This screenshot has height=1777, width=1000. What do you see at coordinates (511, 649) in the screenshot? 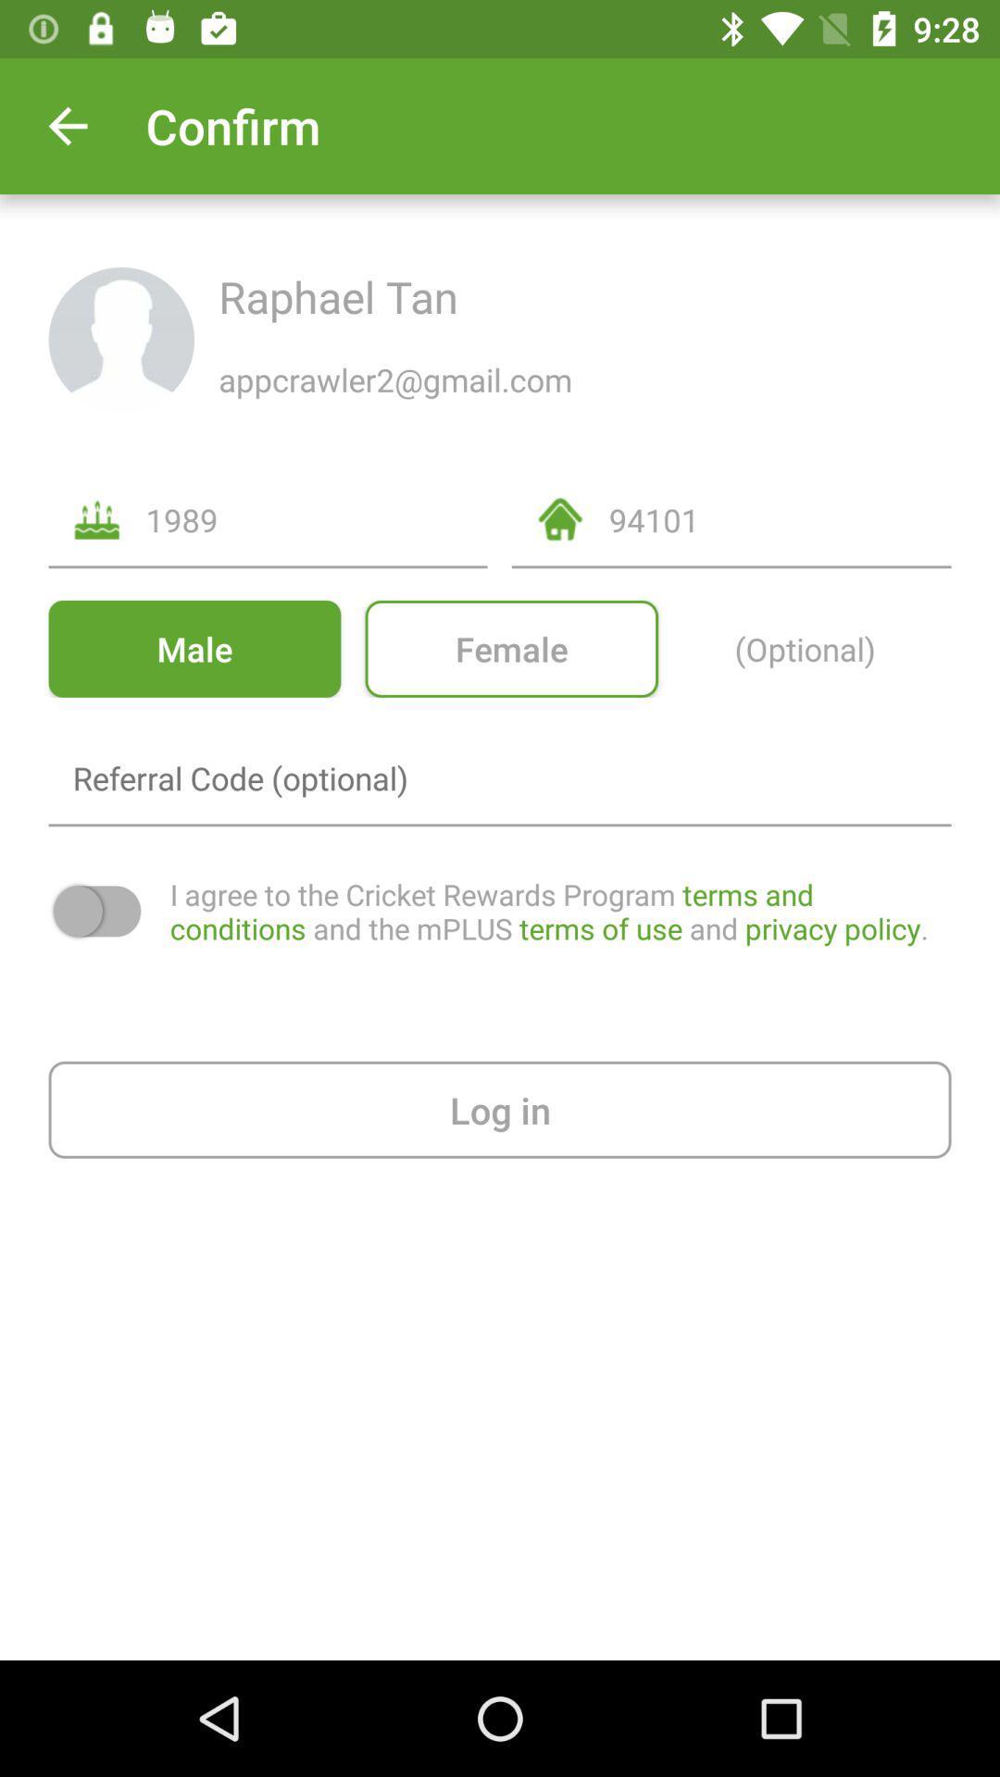
I see `the female option` at bounding box center [511, 649].